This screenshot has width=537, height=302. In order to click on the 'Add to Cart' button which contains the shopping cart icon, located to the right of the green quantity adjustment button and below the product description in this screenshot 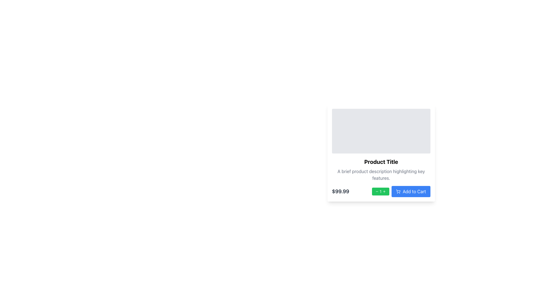, I will do `click(398, 190)`.